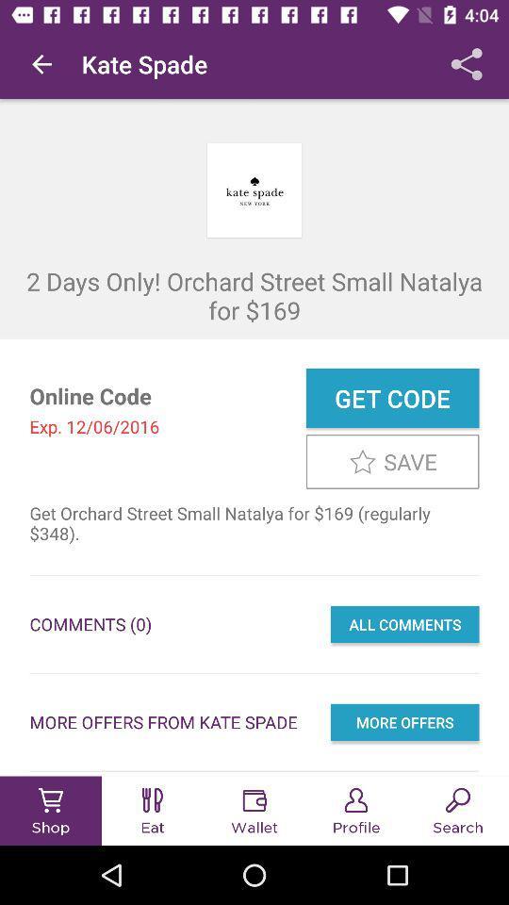 The image size is (509, 905). Describe the element at coordinates (254, 189) in the screenshot. I see `the kate spade logo` at that location.